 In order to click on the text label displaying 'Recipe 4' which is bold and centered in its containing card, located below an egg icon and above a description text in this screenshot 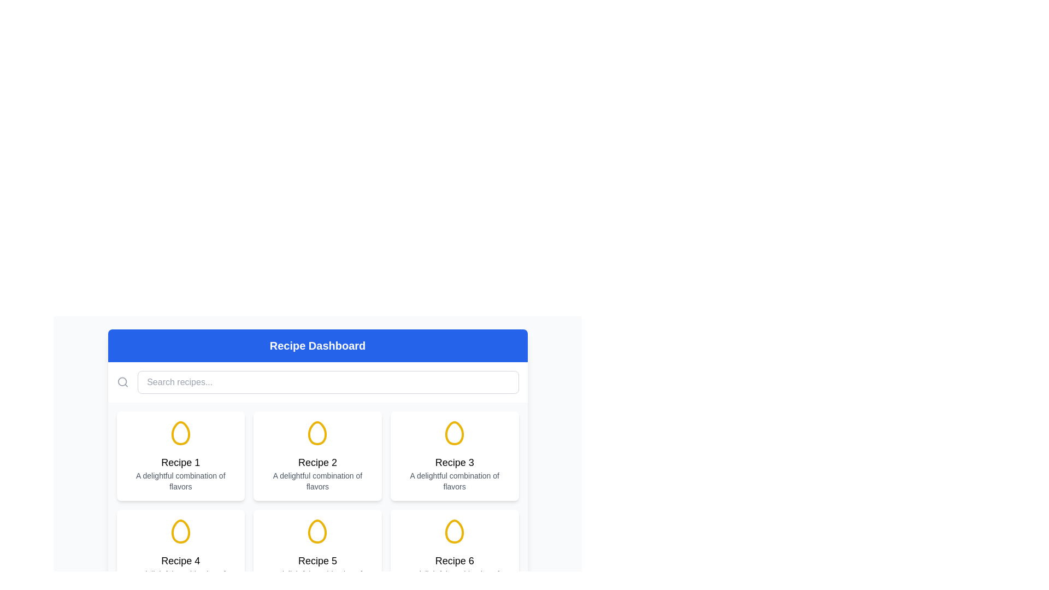, I will do `click(180, 560)`.